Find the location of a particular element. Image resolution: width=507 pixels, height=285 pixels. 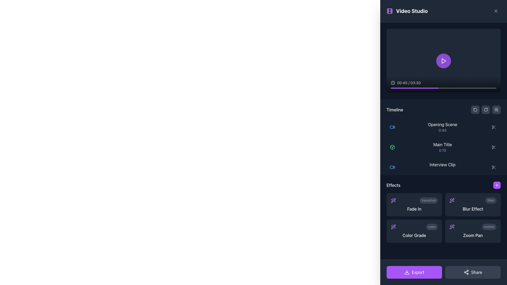

the 'Revert' or 'Undo' button located at the top-right of the dark panel is located at coordinates (475, 110).